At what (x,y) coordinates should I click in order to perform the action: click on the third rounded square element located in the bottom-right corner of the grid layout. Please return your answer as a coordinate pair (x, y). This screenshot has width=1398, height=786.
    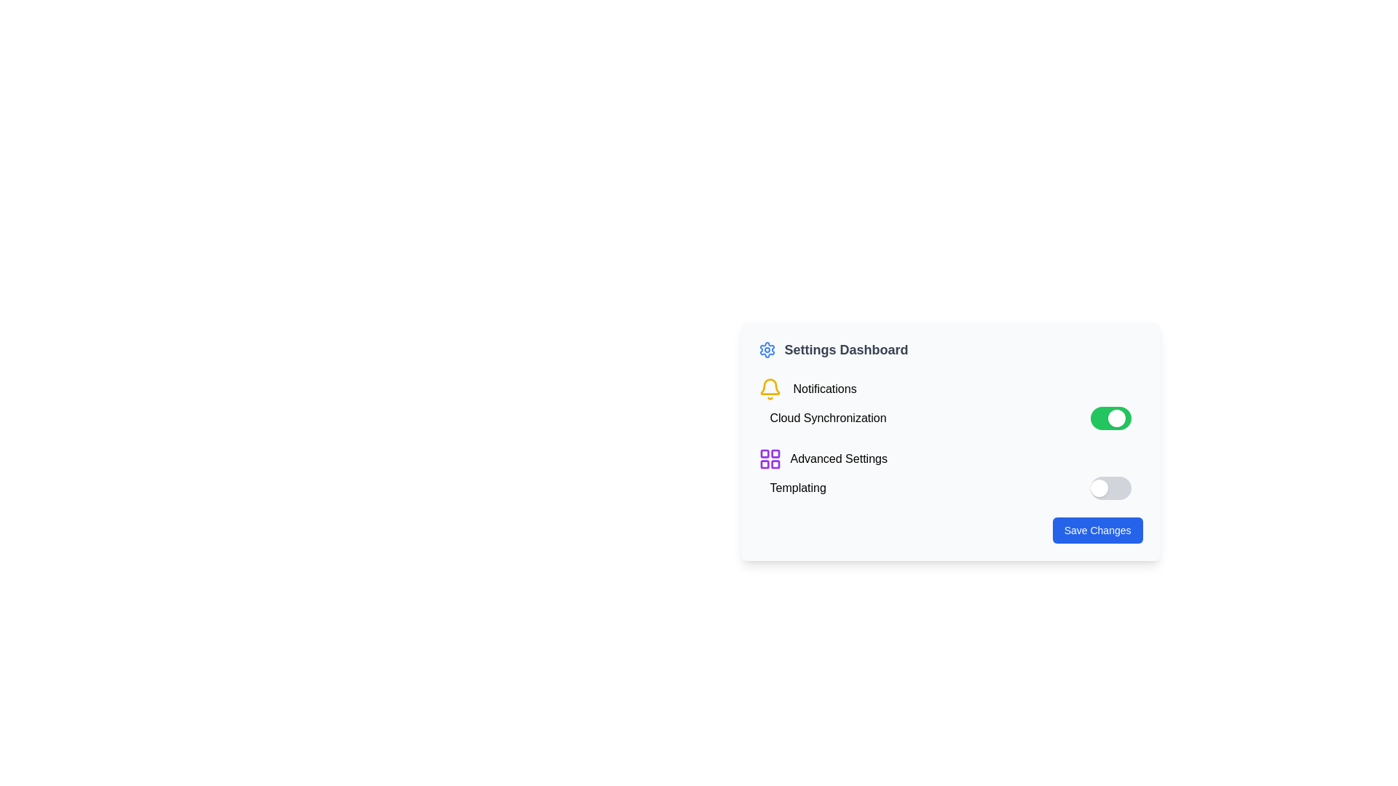
    Looking at the image, I should click on (774, 464).